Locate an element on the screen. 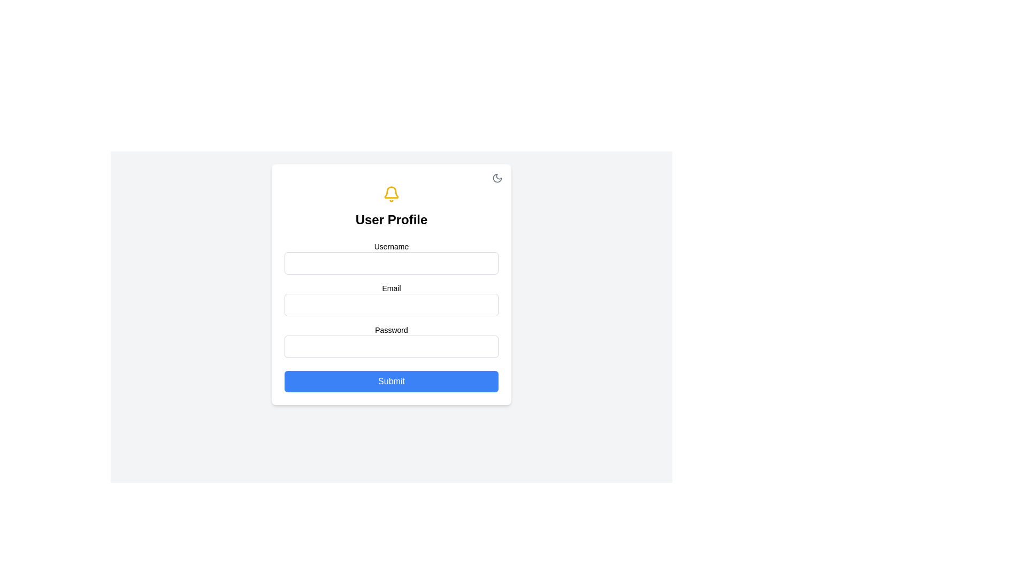 This screenshot has height=578, width=1027. the label indicating where the password should be entered, which is positioned above the password input field and below the email label in the middle portion of the form is located at coordinates (390, 330).